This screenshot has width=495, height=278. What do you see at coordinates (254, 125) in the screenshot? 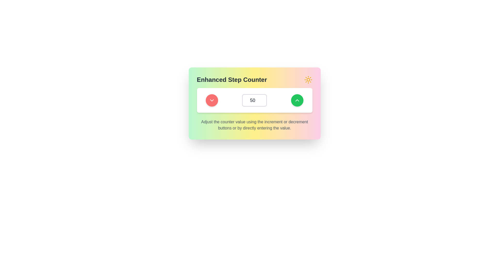
I see `the instructional text block located beneath the counter input group, which provides guidance on how to interact with the counter functionality` at bounding box center [254, 125].